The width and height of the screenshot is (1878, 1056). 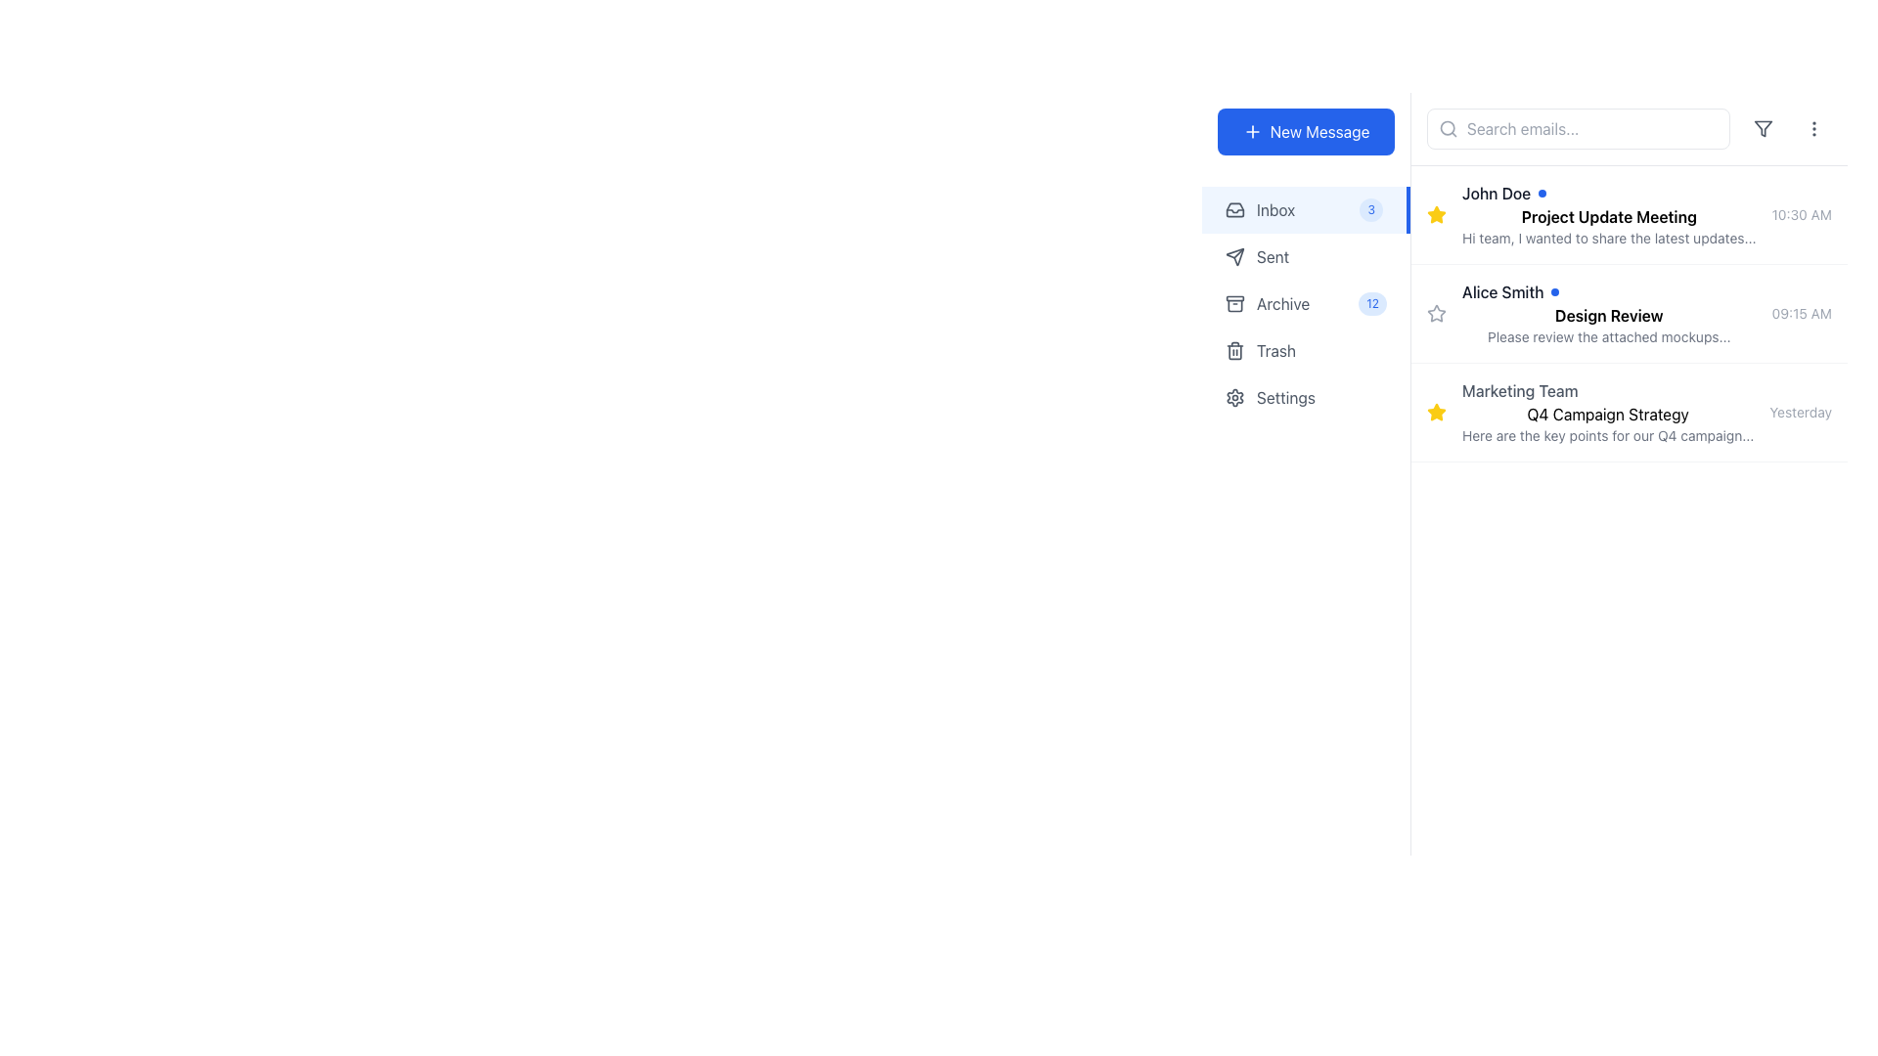 I want to click on the small pill-shaped badge with a light blue background and dark blue text reading '3', which is positioned within the notification indicator for the 'Inbox' label, so click(x=1370, y=210).